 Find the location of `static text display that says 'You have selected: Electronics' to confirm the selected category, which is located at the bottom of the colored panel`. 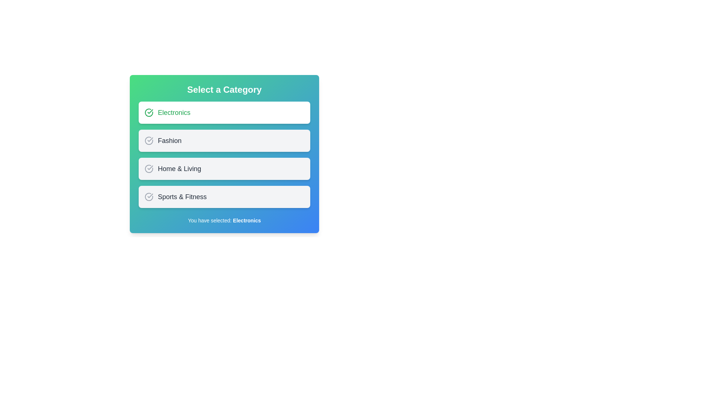

static text display that says 'You have selected: Electronics' to confirm the selected category, which is located at the bottom of the colored panel is located at coordinates (224, 220).